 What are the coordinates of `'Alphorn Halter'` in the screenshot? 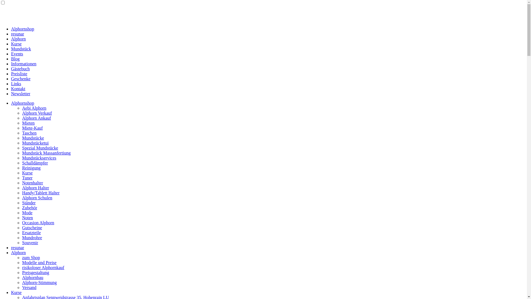 It's located at (35, 187).